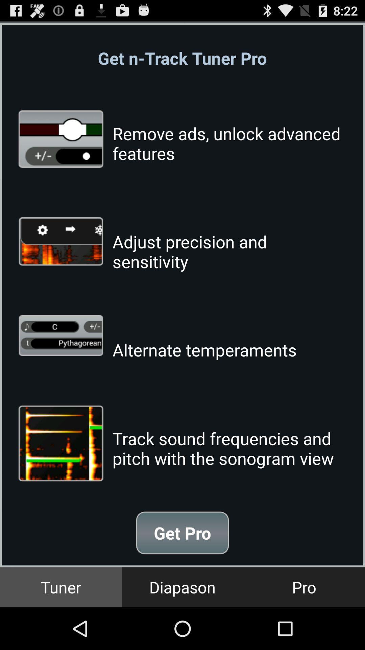 This screenshot has height=650, width=365. What do you see at coordinates (182, 587) in the screenshot?
I see `diapason button` at bounding box center [182, 587].